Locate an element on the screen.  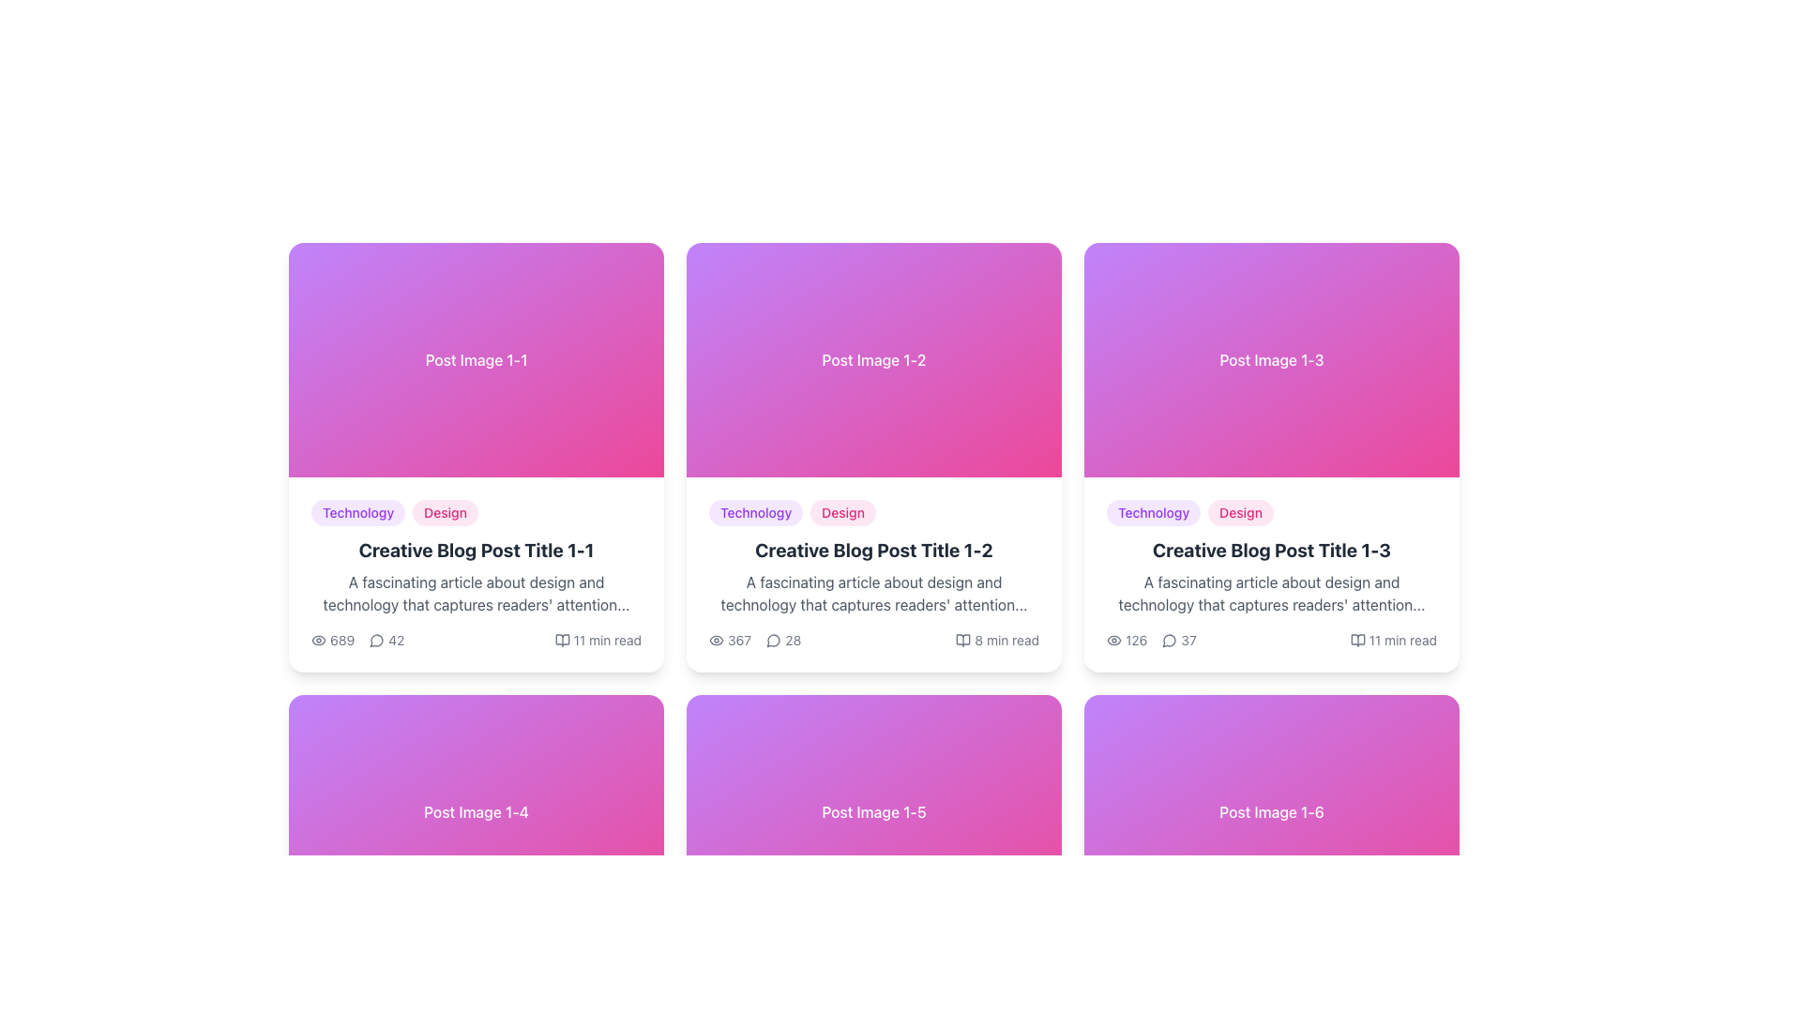
the reading duration represented by the Vector icon (SVG) located in the bottom-right section of the blog post card titled 'Creative Blog Post Title 1-2', preceding the text '8 min read' is located at coordinates (963, 639).